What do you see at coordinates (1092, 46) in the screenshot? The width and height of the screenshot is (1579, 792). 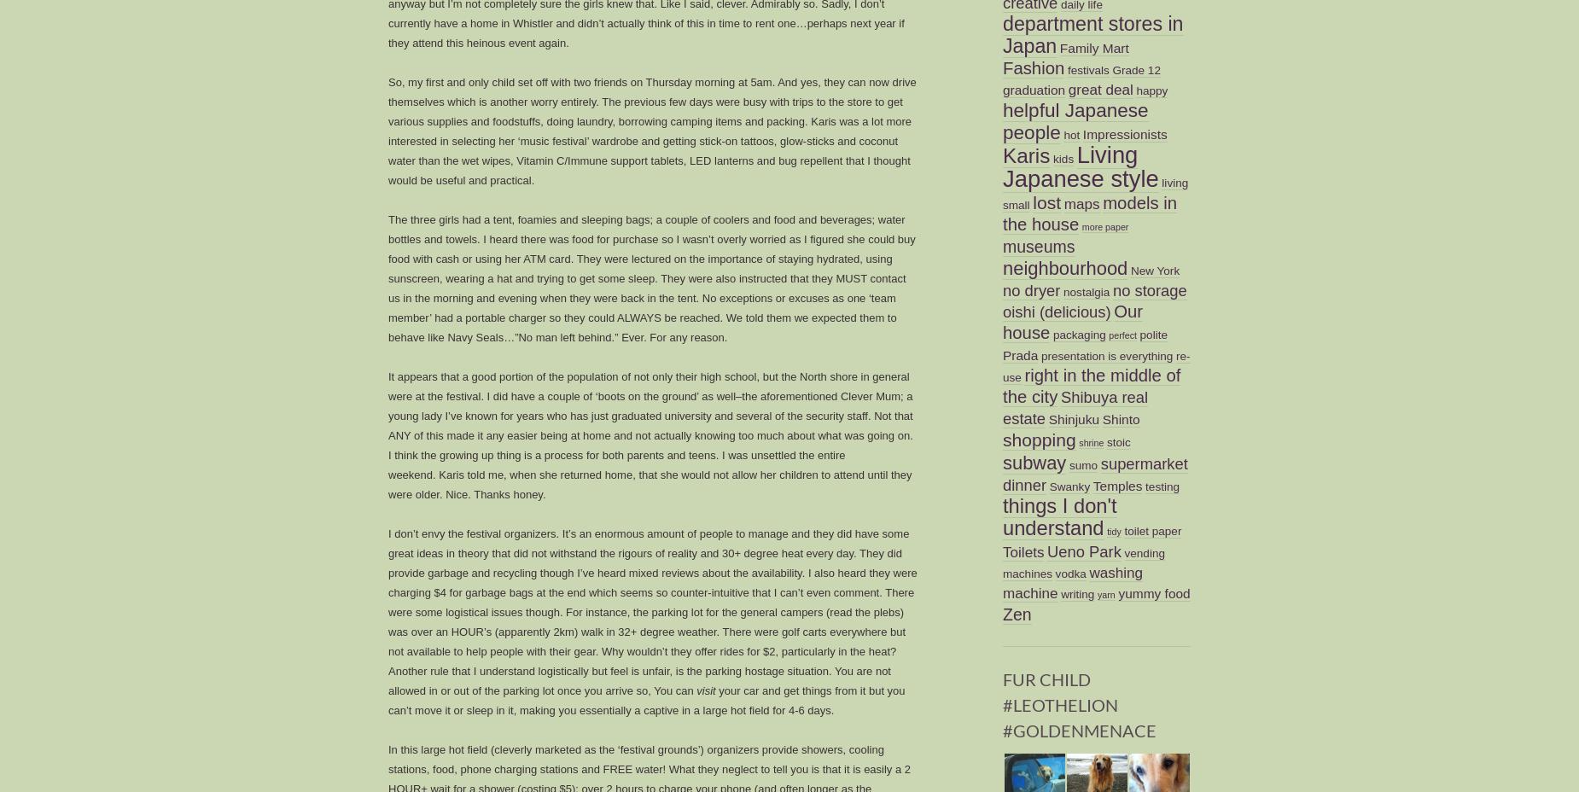 I see `'Family Mart'` at bounding box center [1092, 46].